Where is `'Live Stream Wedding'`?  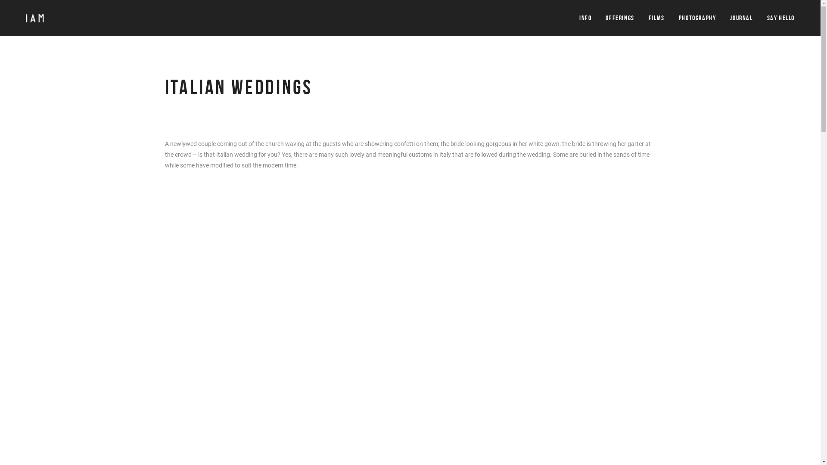
'Live Stream Wedding' is located at coordinates (528, 355).